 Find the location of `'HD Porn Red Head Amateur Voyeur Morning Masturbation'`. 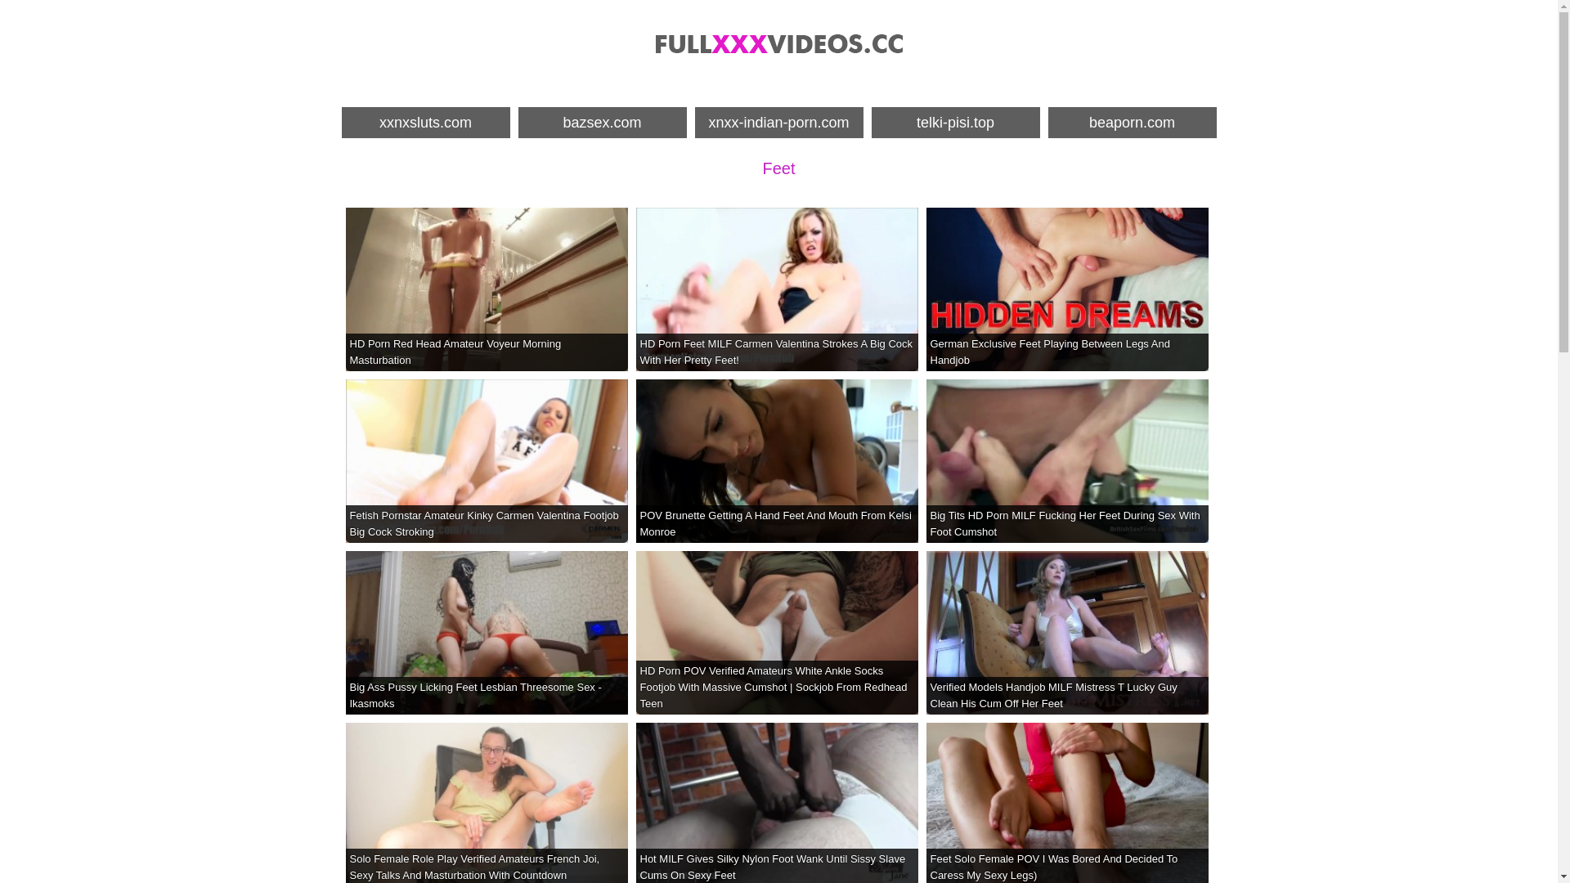

'HD Porn Red Head Amateur Voyeur Morning Masturbation' is located at coordinates (485, 289).